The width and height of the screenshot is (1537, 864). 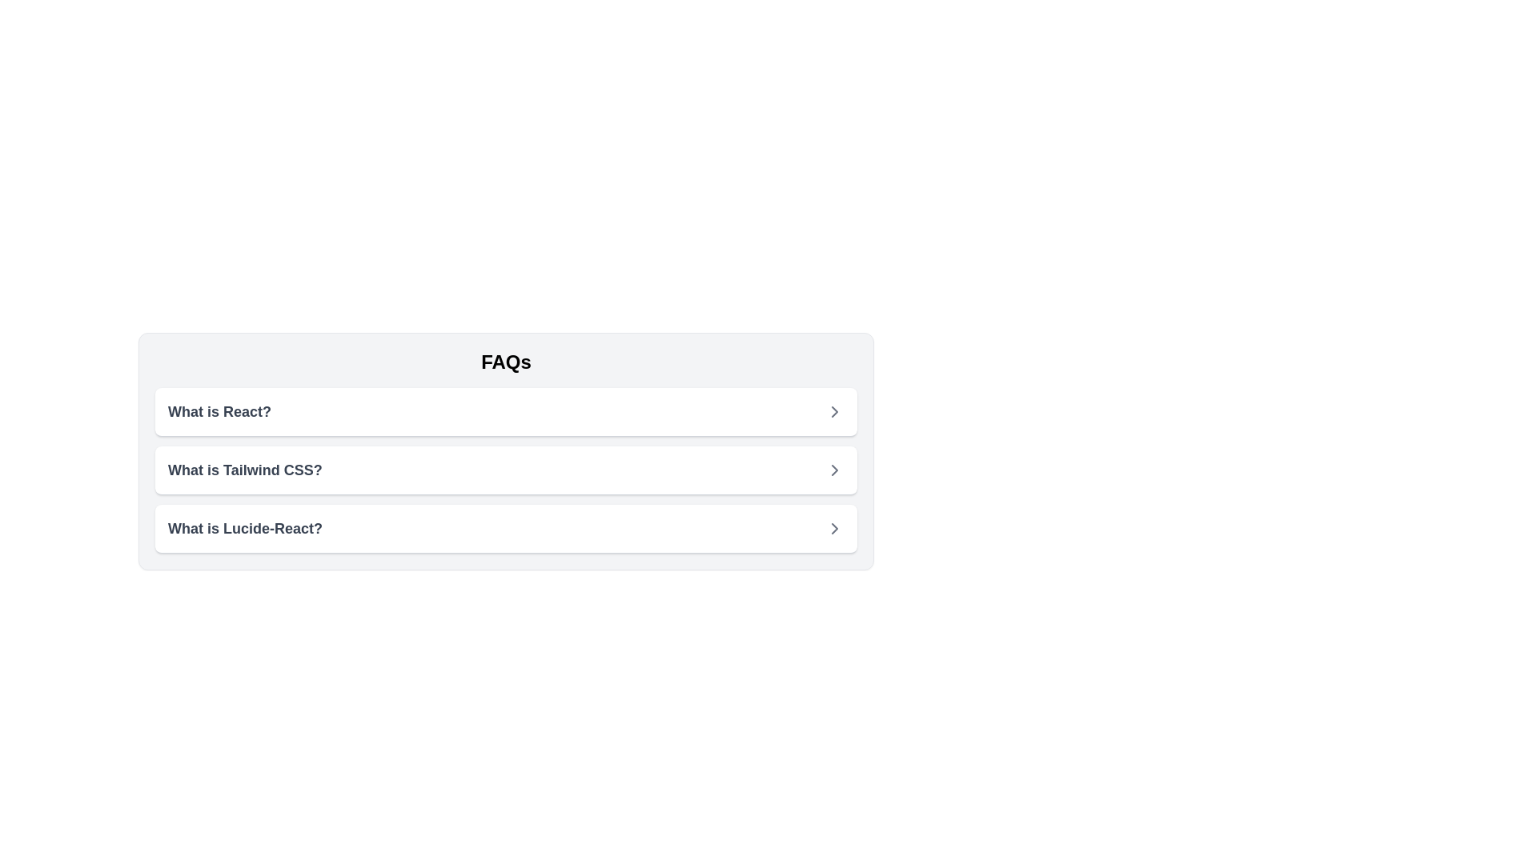 What do you see at coordinates (833, 528) in the screenshot?
I see `the small right-pointing chevron arrow icon located next to the section labeled 'What is Lucide-React?' in the third entry of the FAQ list` at bounding box center [833, 528].